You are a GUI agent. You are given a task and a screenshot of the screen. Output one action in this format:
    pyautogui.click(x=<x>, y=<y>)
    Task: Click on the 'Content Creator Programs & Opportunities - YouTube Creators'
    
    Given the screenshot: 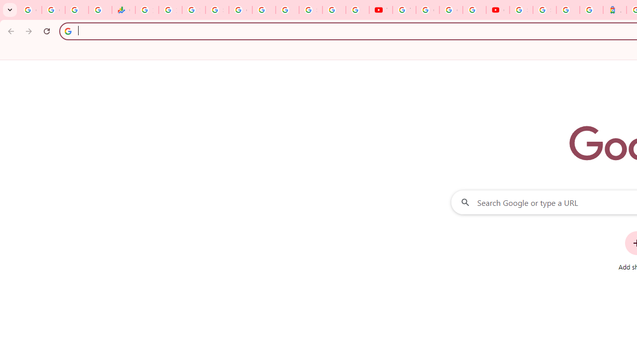 What is the action you would take?
    pyautogui.click(x=498, y=10)
    